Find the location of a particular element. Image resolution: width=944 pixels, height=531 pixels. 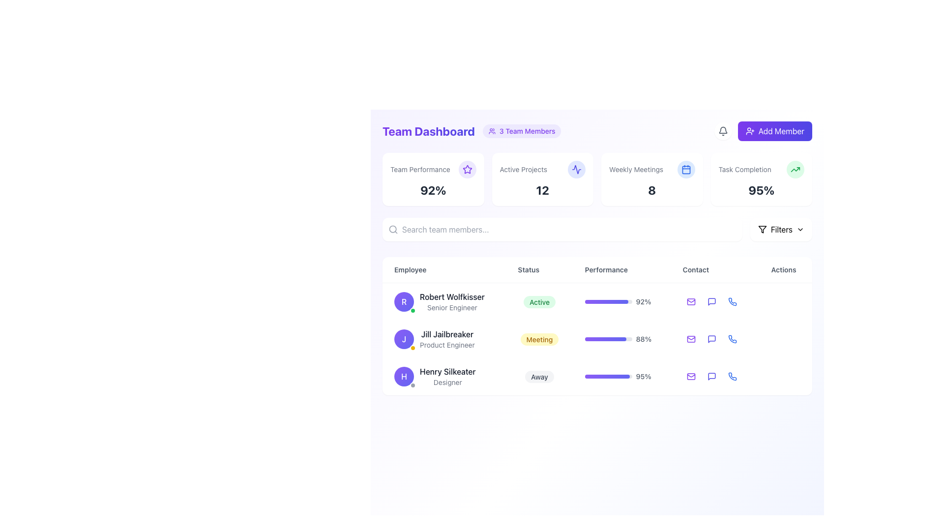

the third row in the user profile table that contains the avatar of 'H', the name 'Henry Silkeater', role 'Designer', a status indicator 'Away', a progress bar indicating '95%', and contact action icons is located at coordinates (596, 376).